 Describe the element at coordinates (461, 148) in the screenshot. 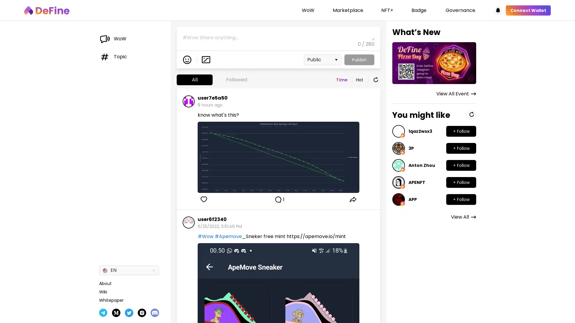

I see `+ Follow` at that location.